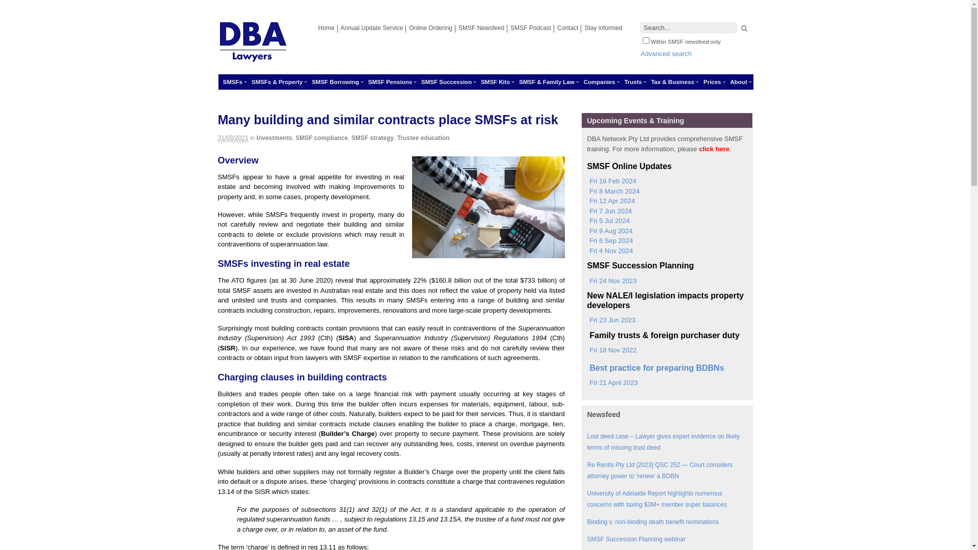 The height and width of the screenshot is (550, 978). I want to click on 'Fri 9 Aug 2024', so click(587, 231).